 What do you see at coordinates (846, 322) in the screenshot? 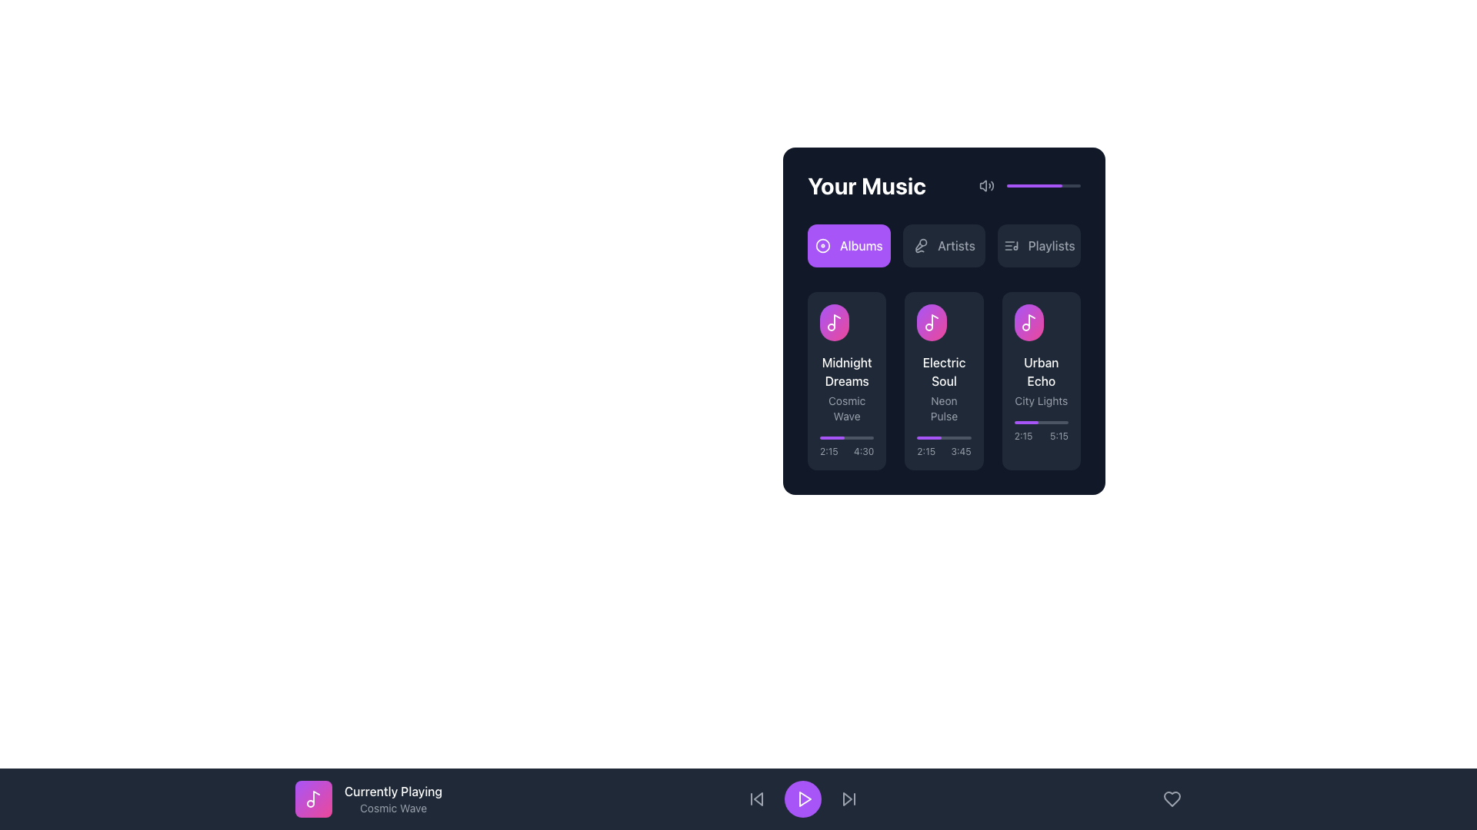
I see `the IconButton in the top-left region of the 'Midnight Dreams' music card, which is part of the 'Your Music' section` at bounding box center [846, 322].